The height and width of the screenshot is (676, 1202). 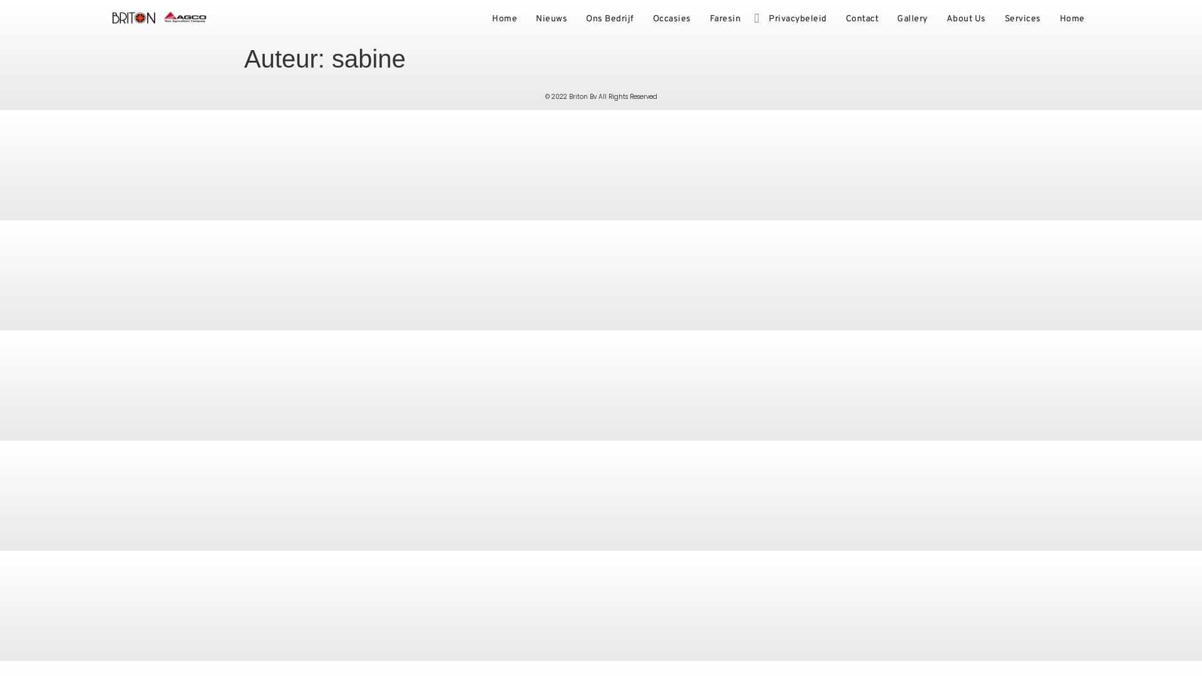 What do you see at coordinates (724, 19) in the screenshot?
I see `'Faresin'` at bounding box center [724, 19].